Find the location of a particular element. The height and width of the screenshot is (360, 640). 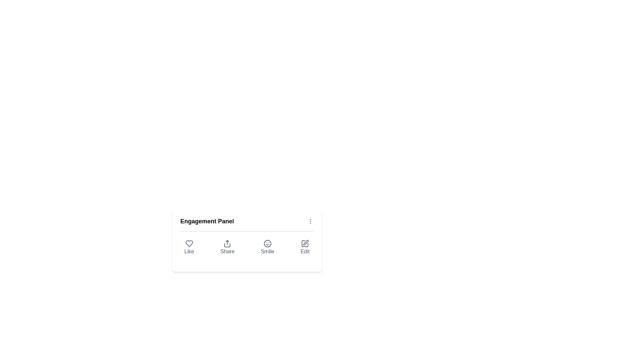

the circular smiley face icon located in the Engagement Panel above the 'Smile' label is located at coordinates (267, 244).